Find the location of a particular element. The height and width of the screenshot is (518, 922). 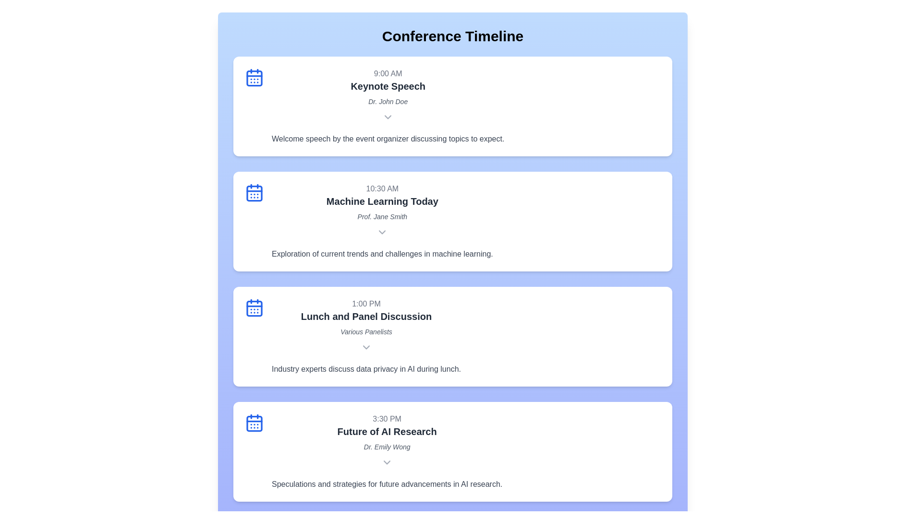

the chevron down icon located in the 'Lunch and Panel Discussion' event block, which is the third block from the top of the timeline, directly below the subtitle 'Various Panelists' is located at coordinates (366, 348).